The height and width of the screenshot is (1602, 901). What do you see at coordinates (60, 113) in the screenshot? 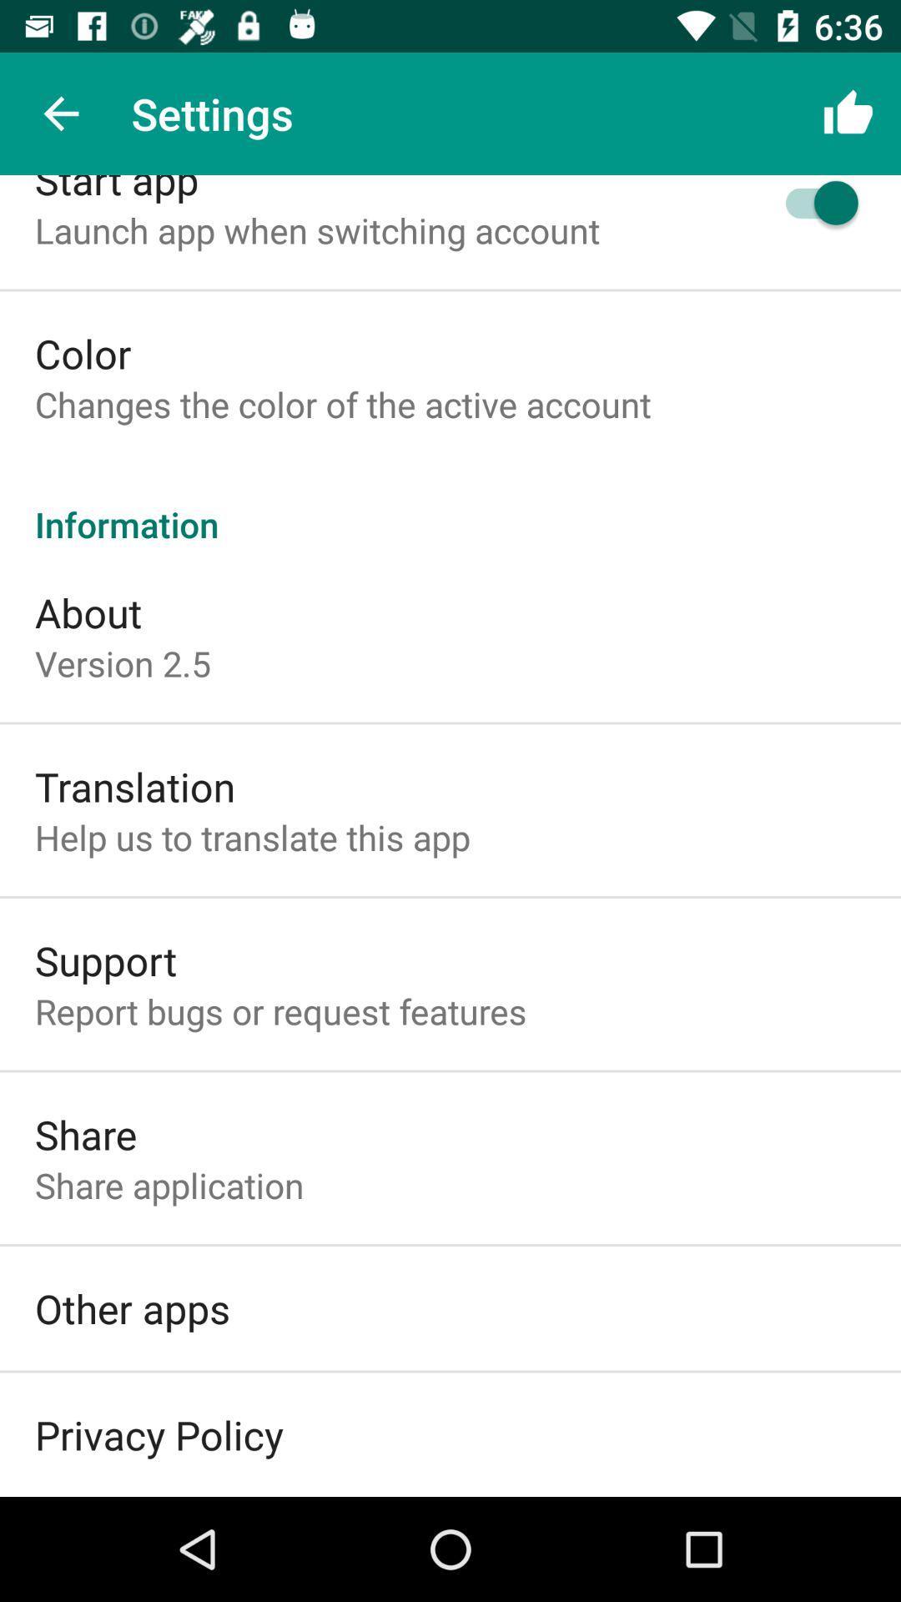
I see `icon to the left of the settings app` at bounding box center [60, 113].